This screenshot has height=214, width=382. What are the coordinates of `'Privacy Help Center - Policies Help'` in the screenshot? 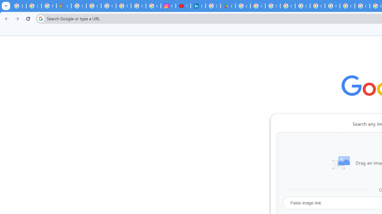 It's located at (138, 6).